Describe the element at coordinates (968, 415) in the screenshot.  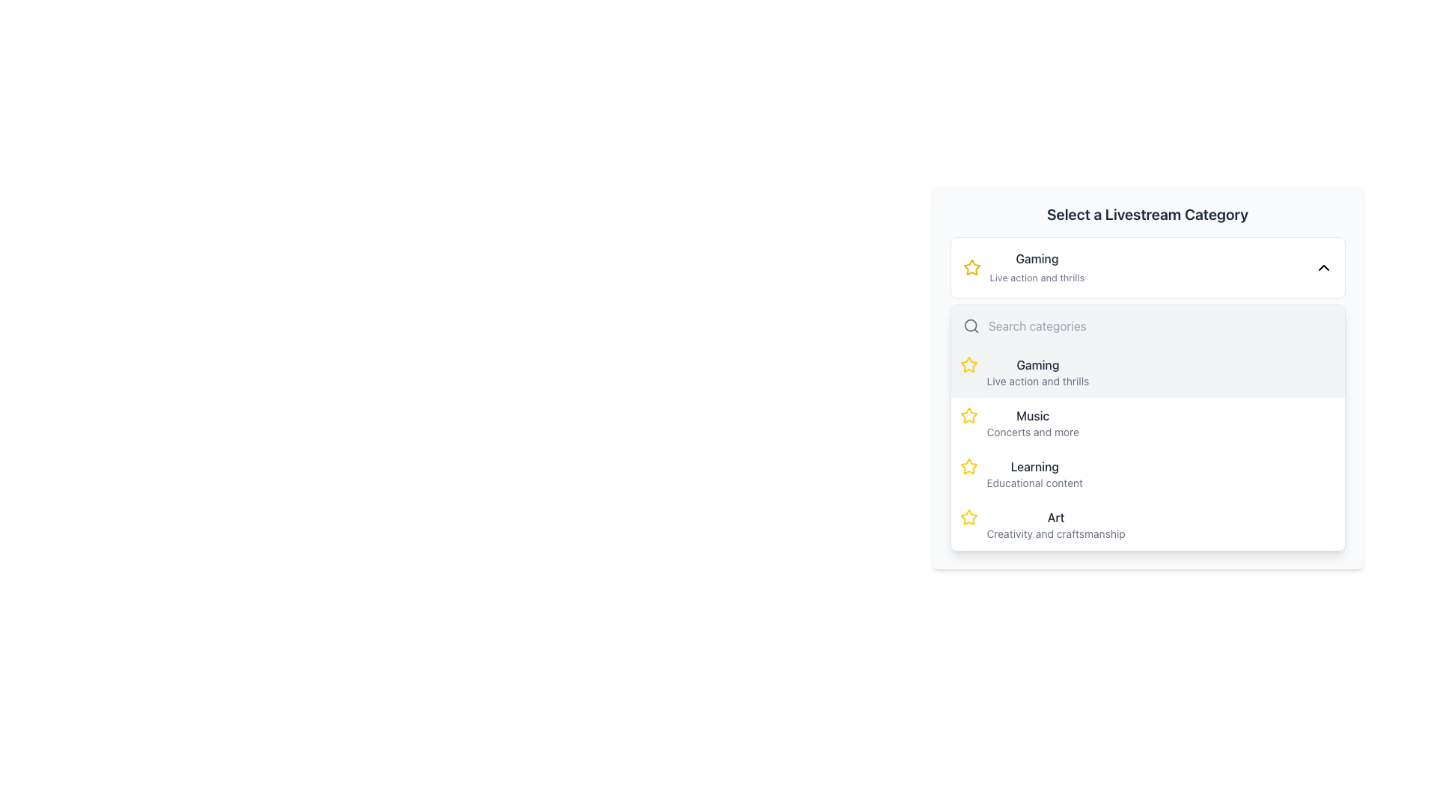
I see `the star icon indicating the 'Music - Concerts and more' option in the list, which is positioned below 'Gaming' and above 'Learning'` at that location.